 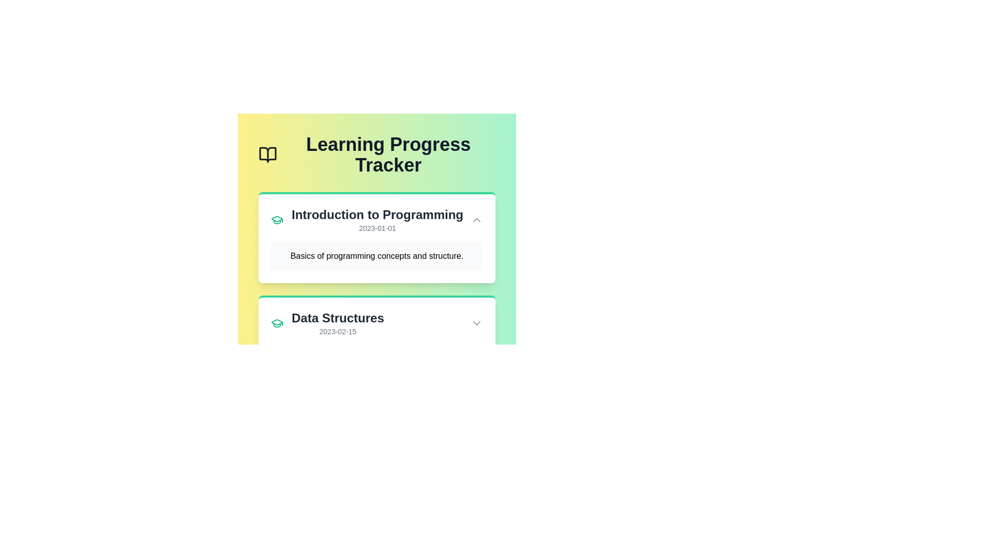 What do you see at coordinates (377, 214) in the screenshot?
I see `the Heading or Label element in the 'Learning Progress Tracker' section, which serves as a header for a specific learning module or topic` at bounding box center [377, 214].